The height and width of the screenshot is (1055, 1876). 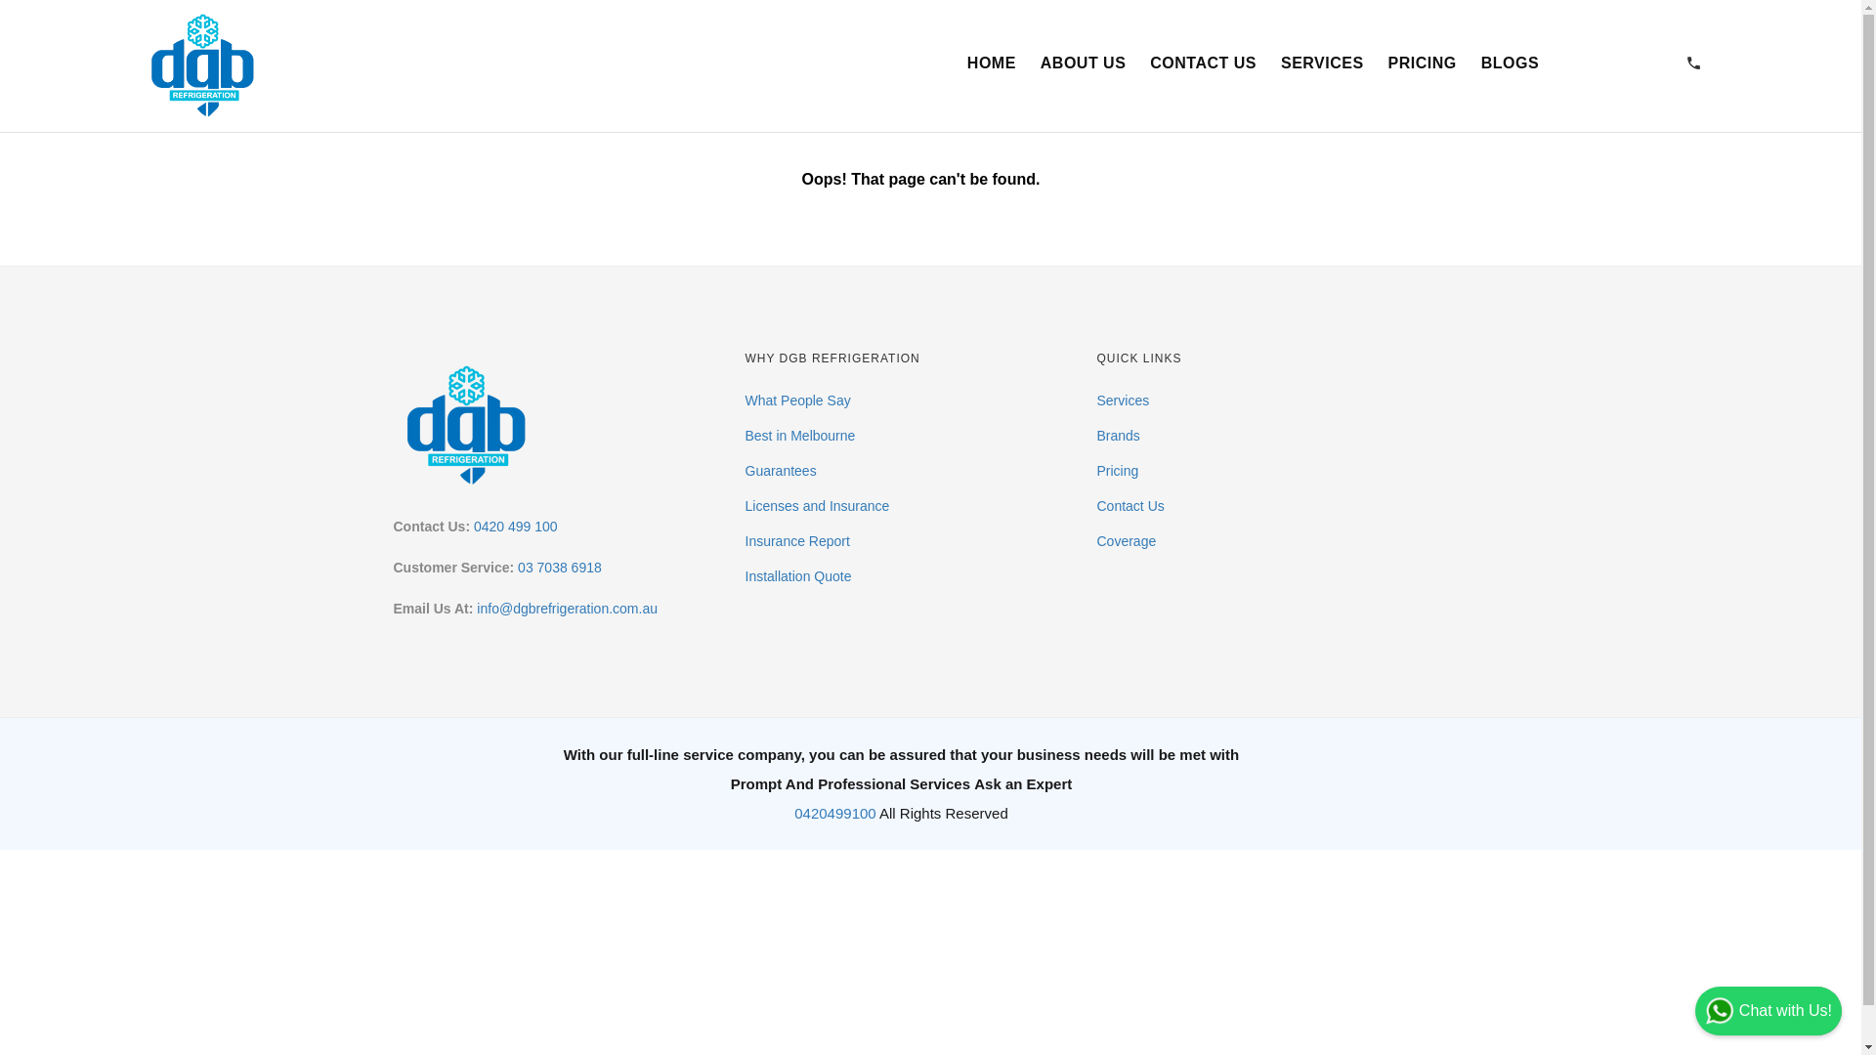 What do you see at coordinates (816, 504) in the screenshot?
I see `'Licenses and Insurance'` at bounding box center [816, 504].